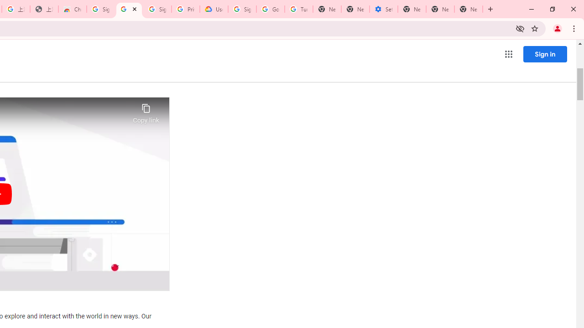  I want to click on 'Copy link', so click(146, 111).